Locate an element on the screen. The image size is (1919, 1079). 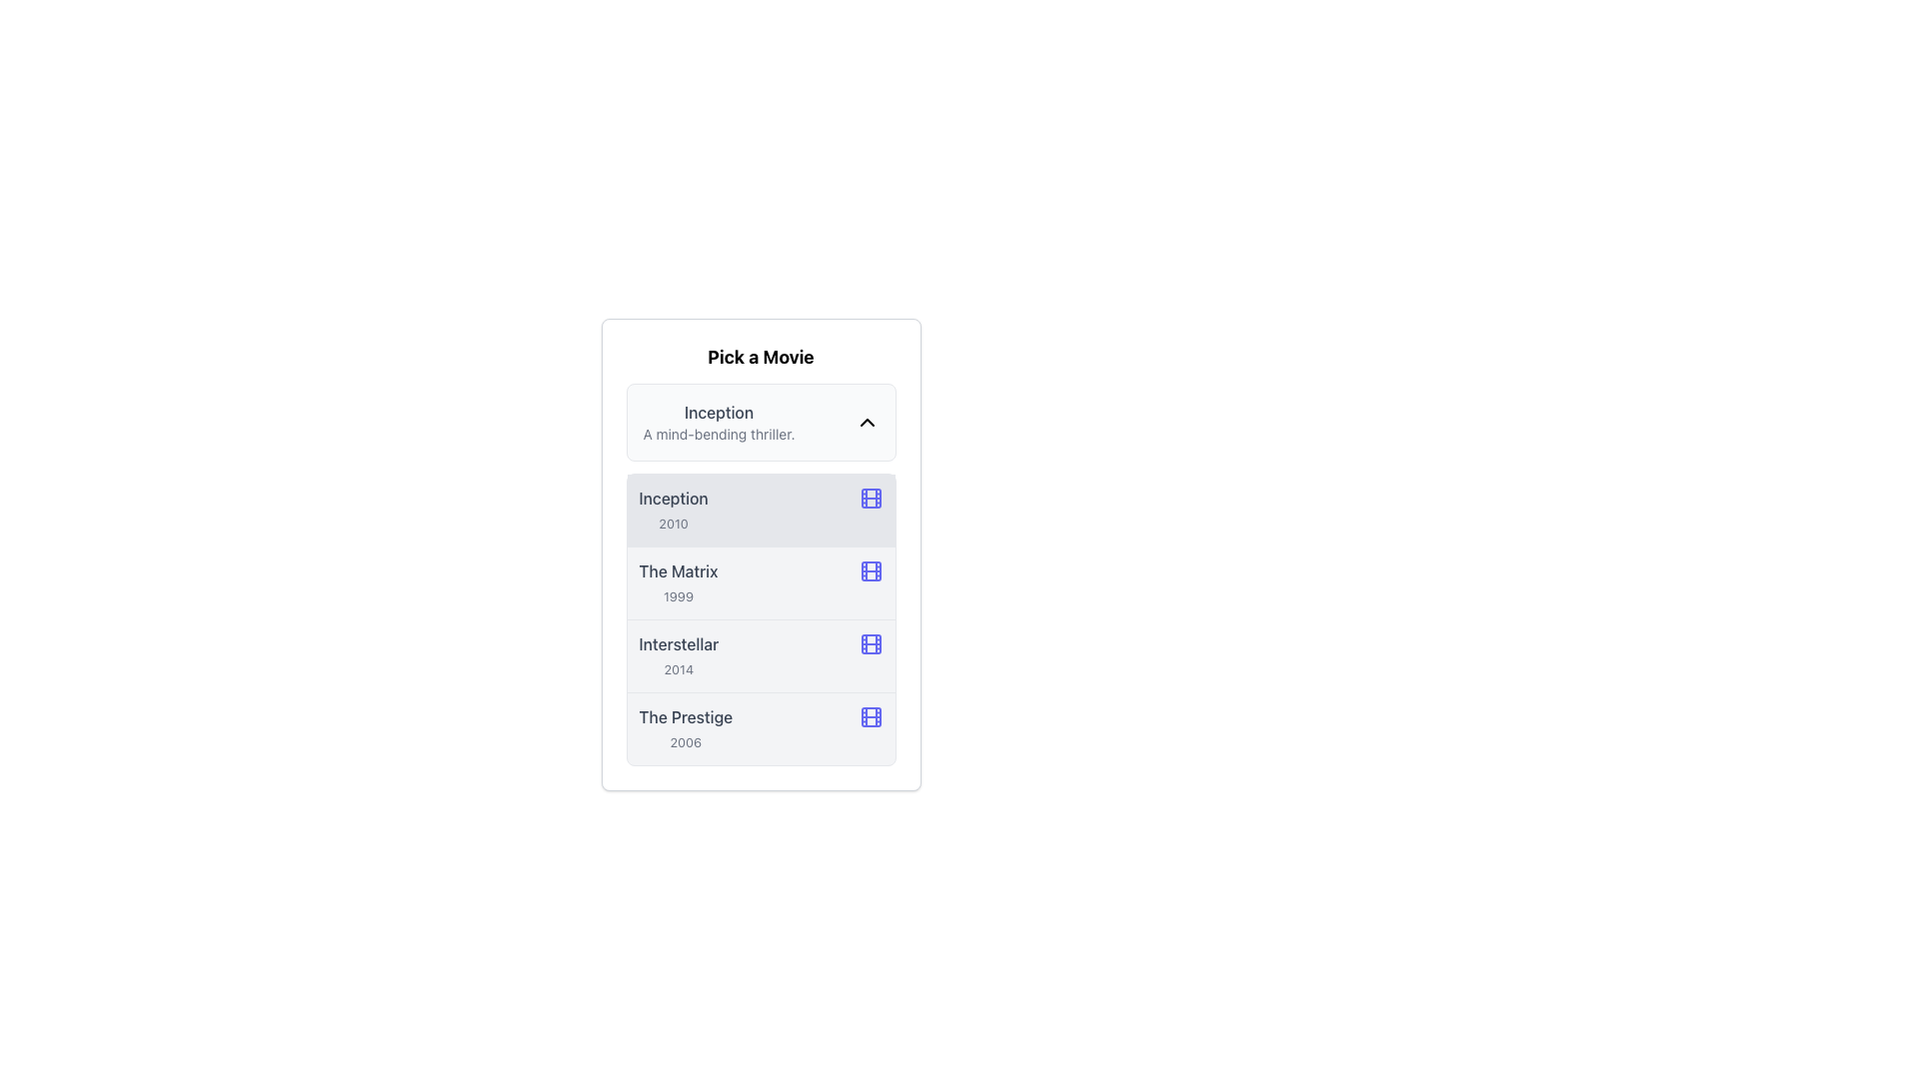
the text label displaying the year '2010' in gray font, located beneath the title 'Inception' in the selection list interface is located at coordinates (674, 523).